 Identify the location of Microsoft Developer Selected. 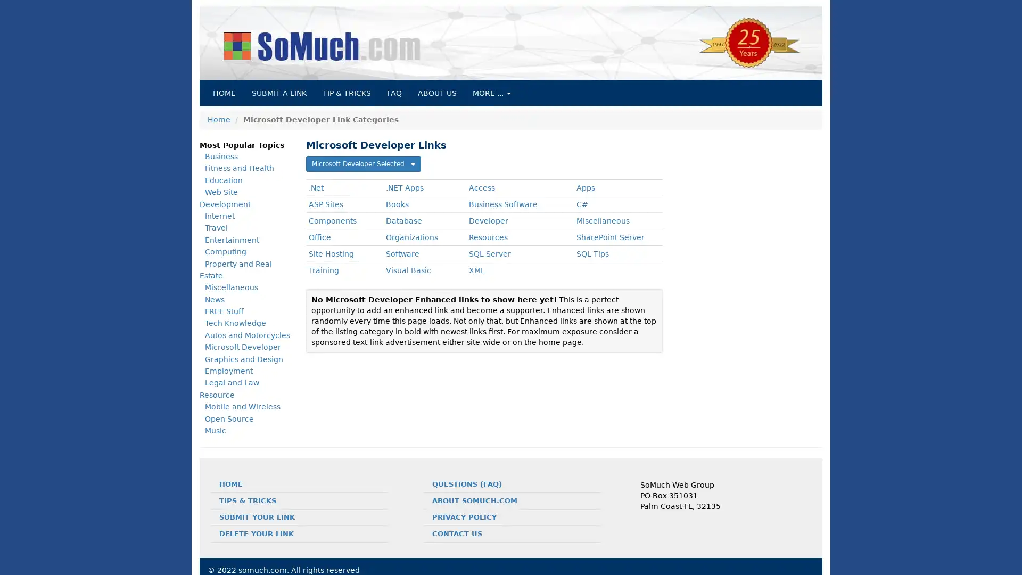
(363, 164).